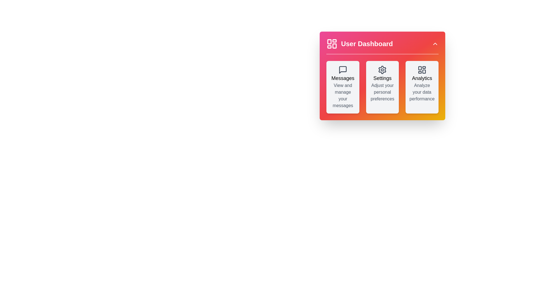  Describe the element at coordinates (422, 87) in the screenshot. I see `the 'Analytics' informational card, which is the third card in a horizontal row beneath the 'User Dashboard' header` at that location.